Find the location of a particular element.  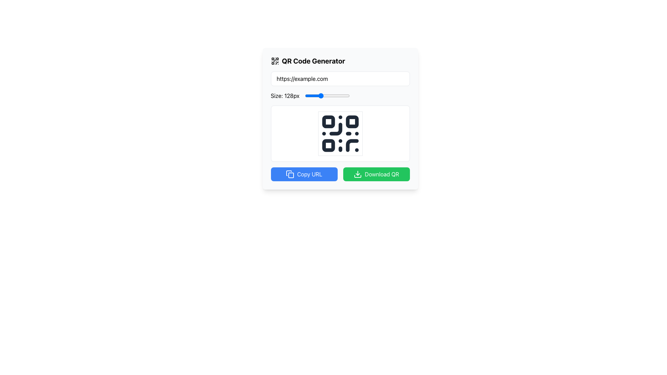

the horizontal slider labeled 'Size: 128px' to receive interactive feedback is located at coordinates (310, 96).